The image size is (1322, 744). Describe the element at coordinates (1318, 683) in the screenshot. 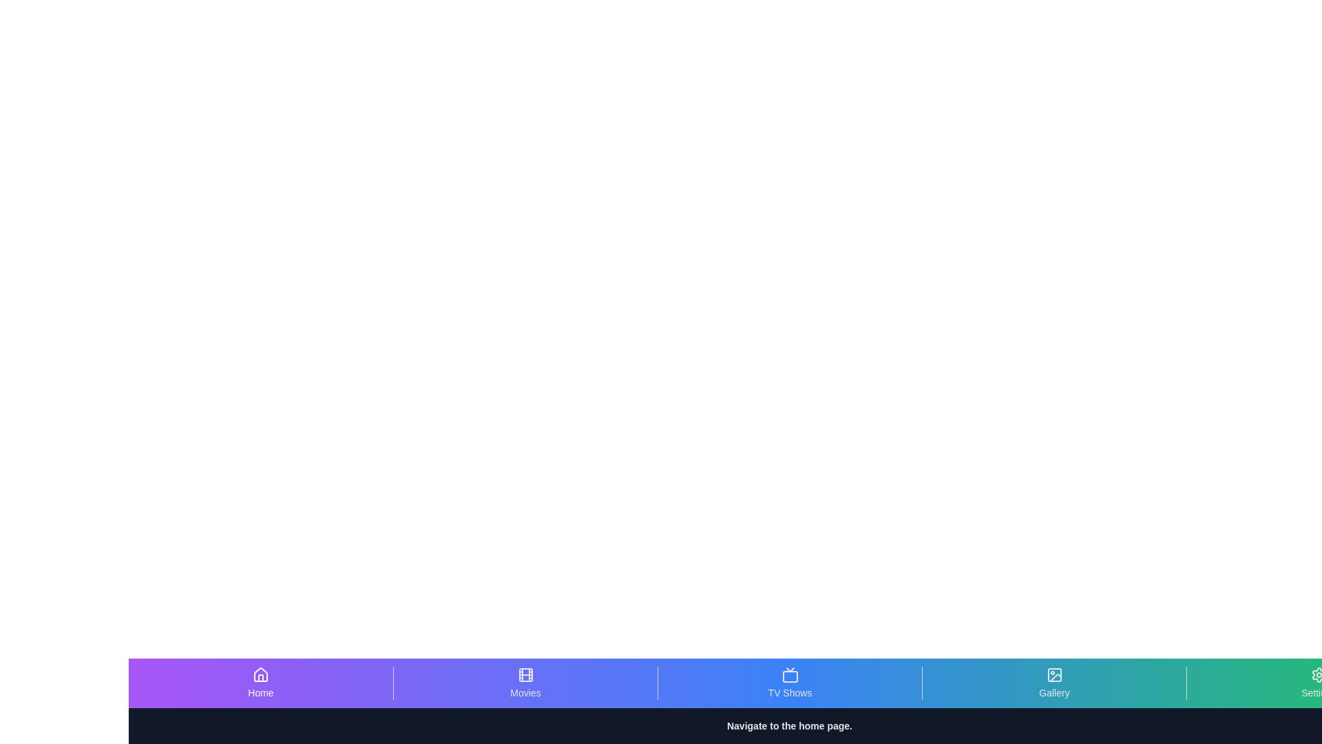

I see `the Settings tab to select it` at that location.